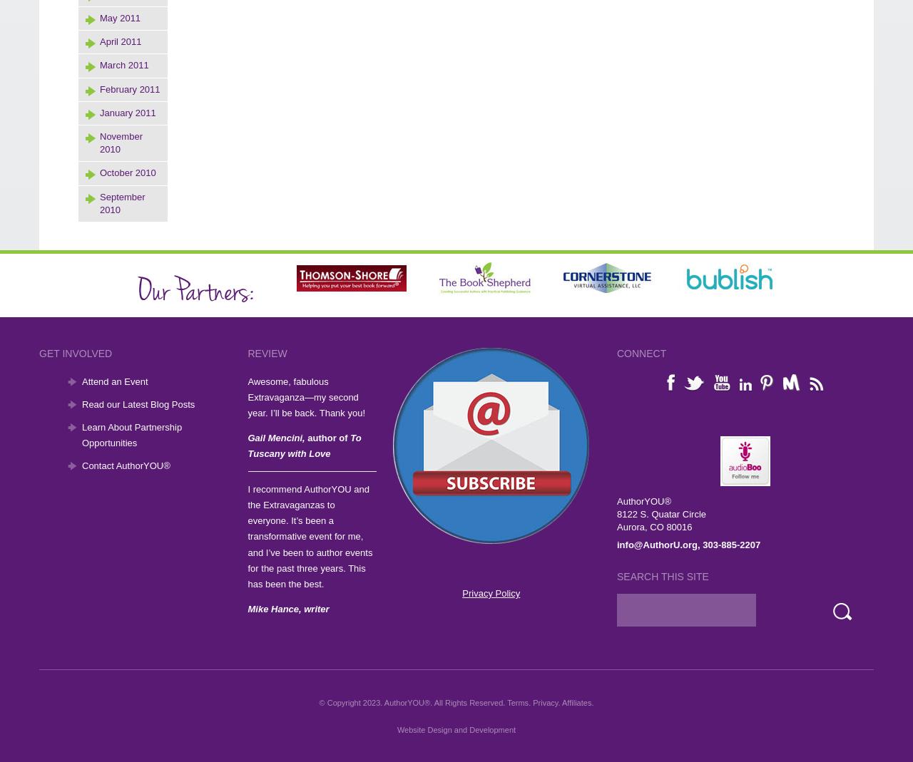 This screenshot has width=913, height=762. I want to click on 'Privacy', so click(532, 701).